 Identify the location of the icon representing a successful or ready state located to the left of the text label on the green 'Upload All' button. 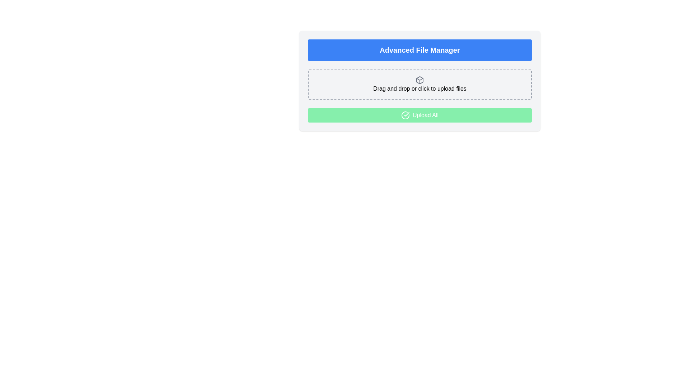
(405, 115).